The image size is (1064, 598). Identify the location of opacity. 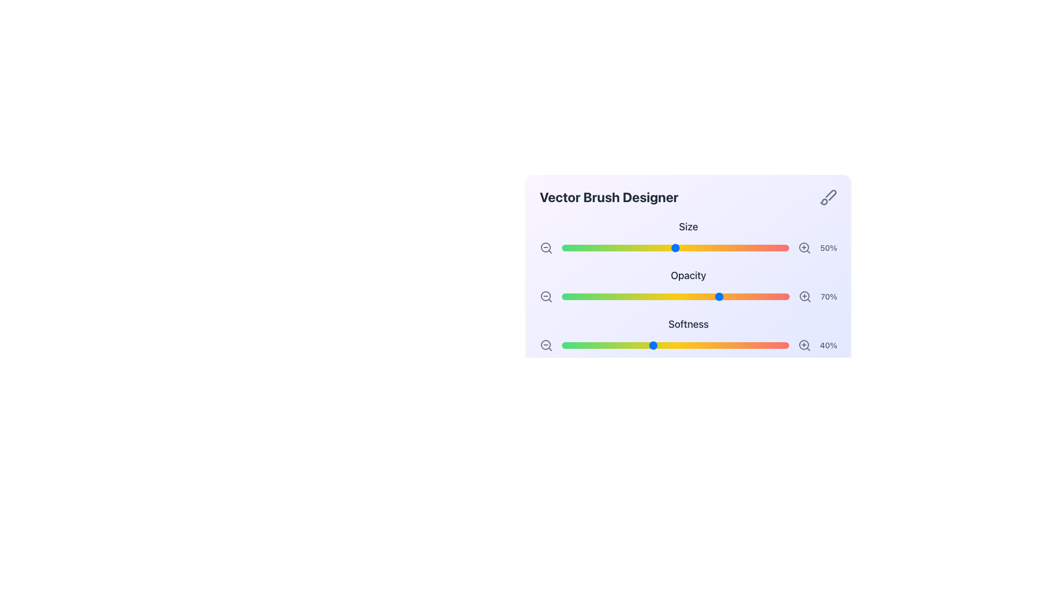
(621, 296).